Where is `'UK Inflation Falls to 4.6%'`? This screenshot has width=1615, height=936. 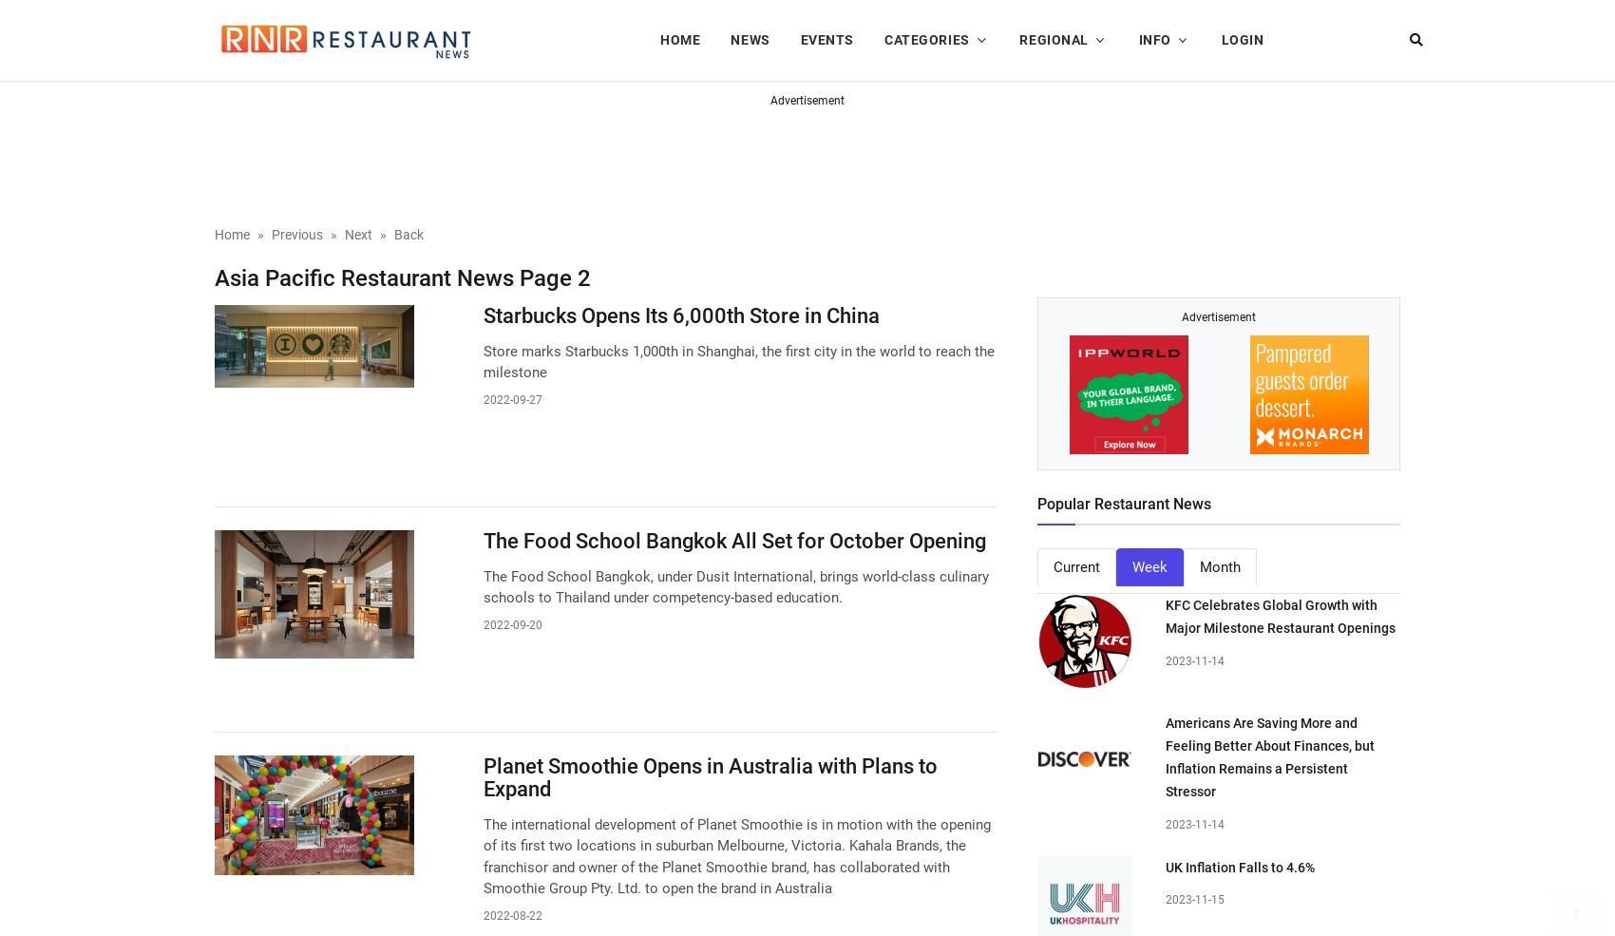
'UK Inflation Falls to 4.6%' is located at coordinates (1240, 867).